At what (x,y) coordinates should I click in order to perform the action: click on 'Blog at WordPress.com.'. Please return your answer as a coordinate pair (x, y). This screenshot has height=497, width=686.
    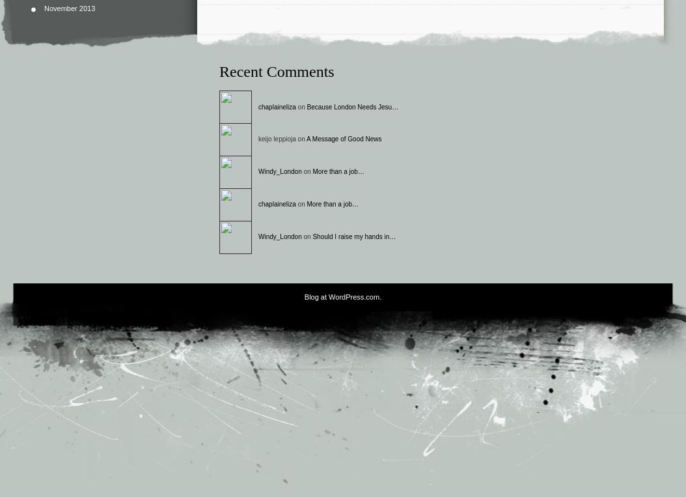
    Looking at the image, I should click on (304, 295).